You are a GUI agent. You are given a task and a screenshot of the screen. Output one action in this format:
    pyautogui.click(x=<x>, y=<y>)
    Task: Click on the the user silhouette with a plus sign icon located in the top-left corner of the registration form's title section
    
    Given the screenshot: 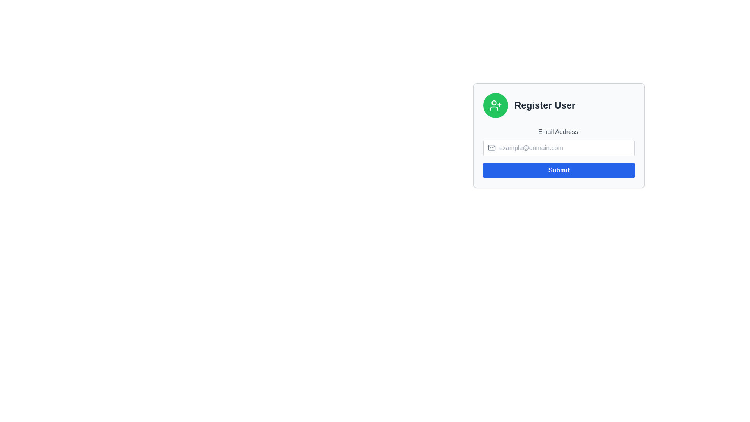 What is the action you would take?
    pyautogui.click(x=494, y=102)
    